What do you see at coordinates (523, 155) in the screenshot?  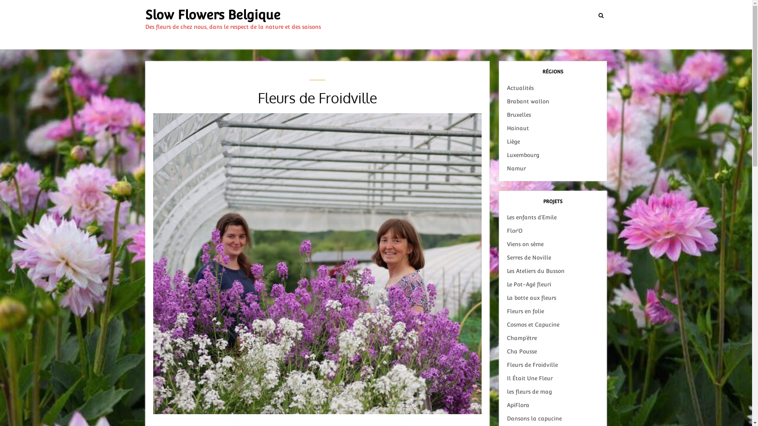 I see `'Luxembourg'` at bounding box center [523, 155].